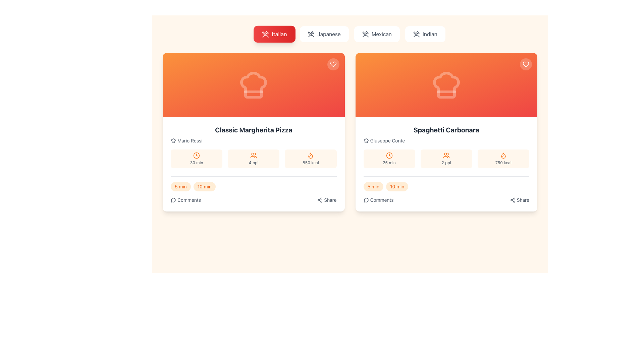 The height and width of the screenshot is (362, 644). What do you see at coordinates (204, 186) in the screenshot?
I see `the circular badge button with a light orange background displaying '10 min'` at bounding box center [204, 186].